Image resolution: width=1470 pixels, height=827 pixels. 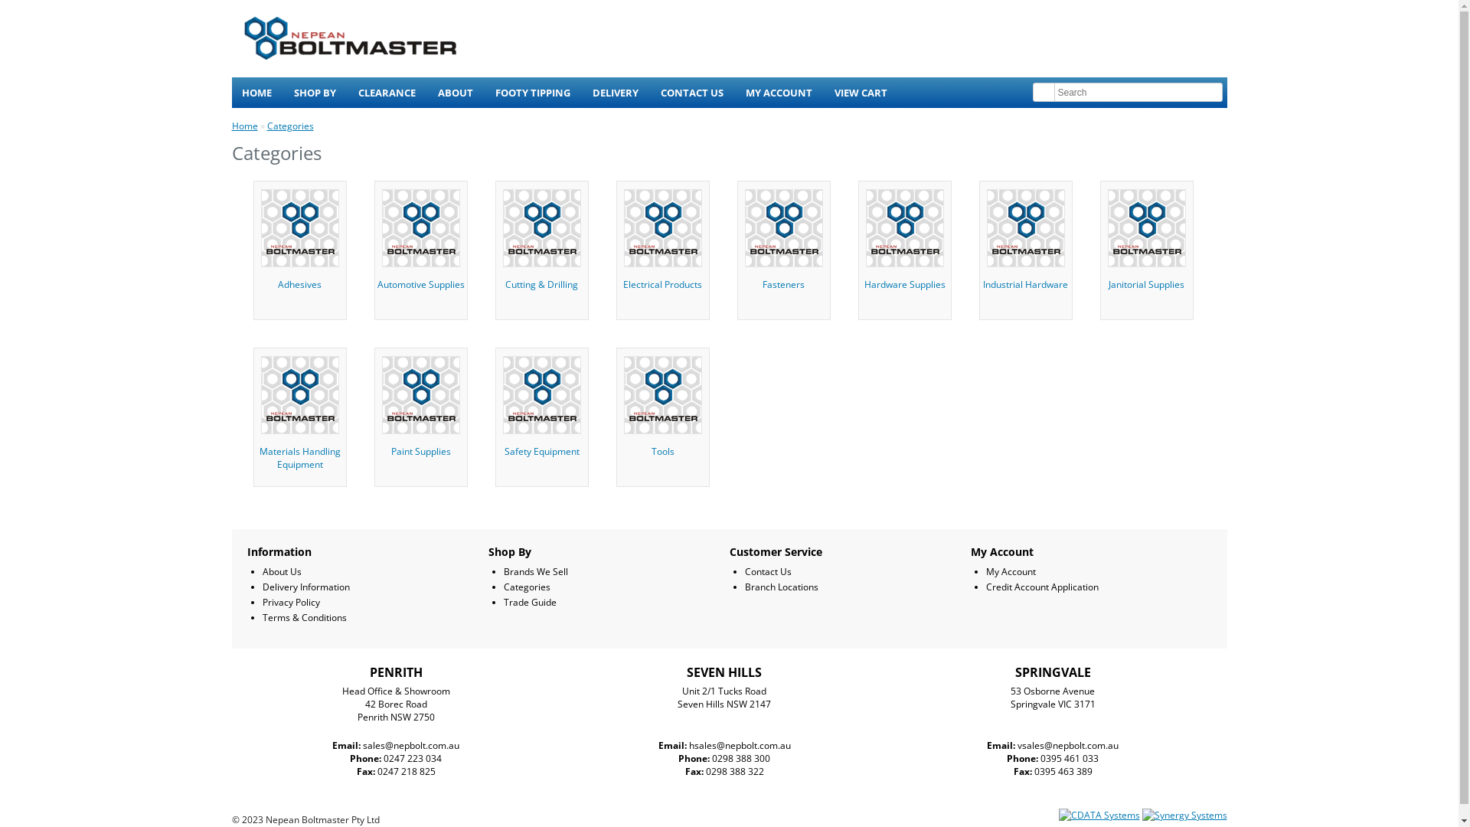 What do you see at coordinates (299, 227) in the screenshot?
I see `'ADHESIVES'` at bounding box center [299, 227].